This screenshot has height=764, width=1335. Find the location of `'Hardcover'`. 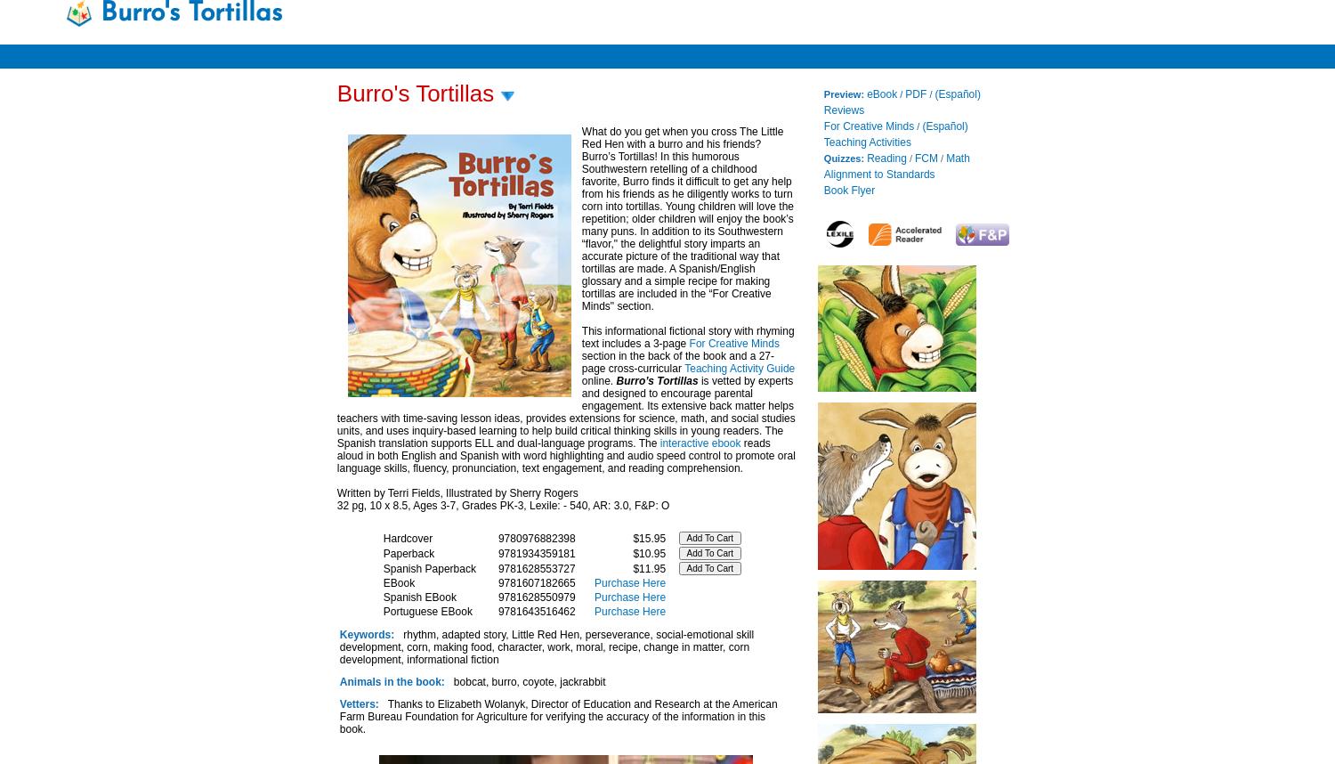

'Hardcover' is located at coordinates (406, 538).